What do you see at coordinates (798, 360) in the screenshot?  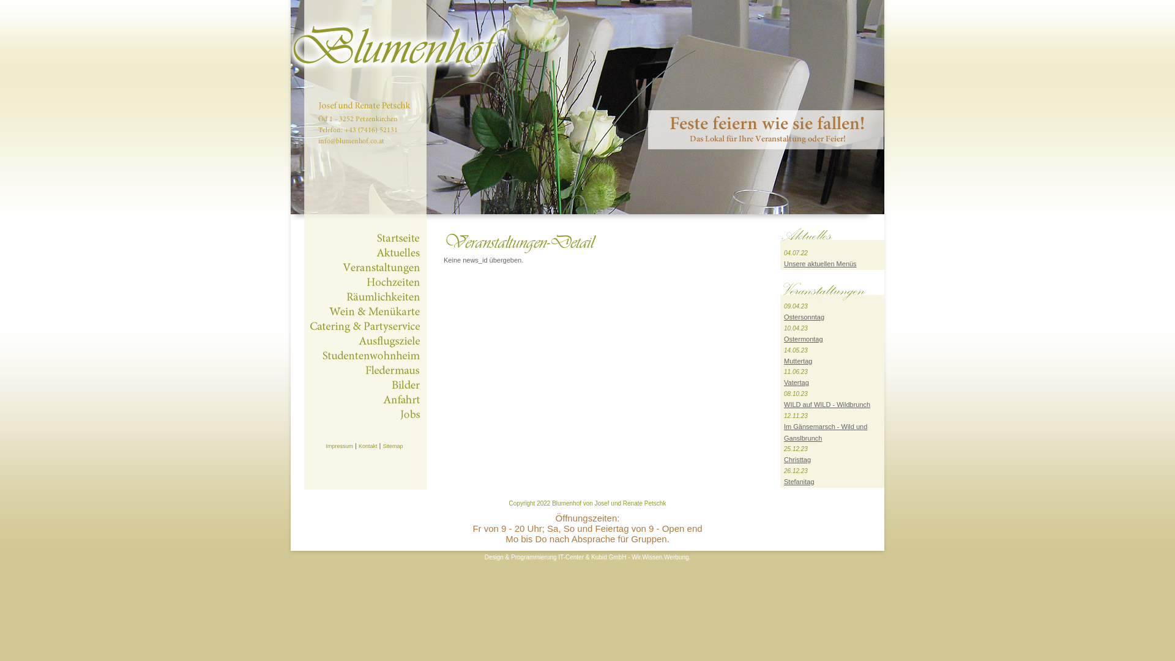 I see `'Muttertag'` at bounding box center [798, 360].